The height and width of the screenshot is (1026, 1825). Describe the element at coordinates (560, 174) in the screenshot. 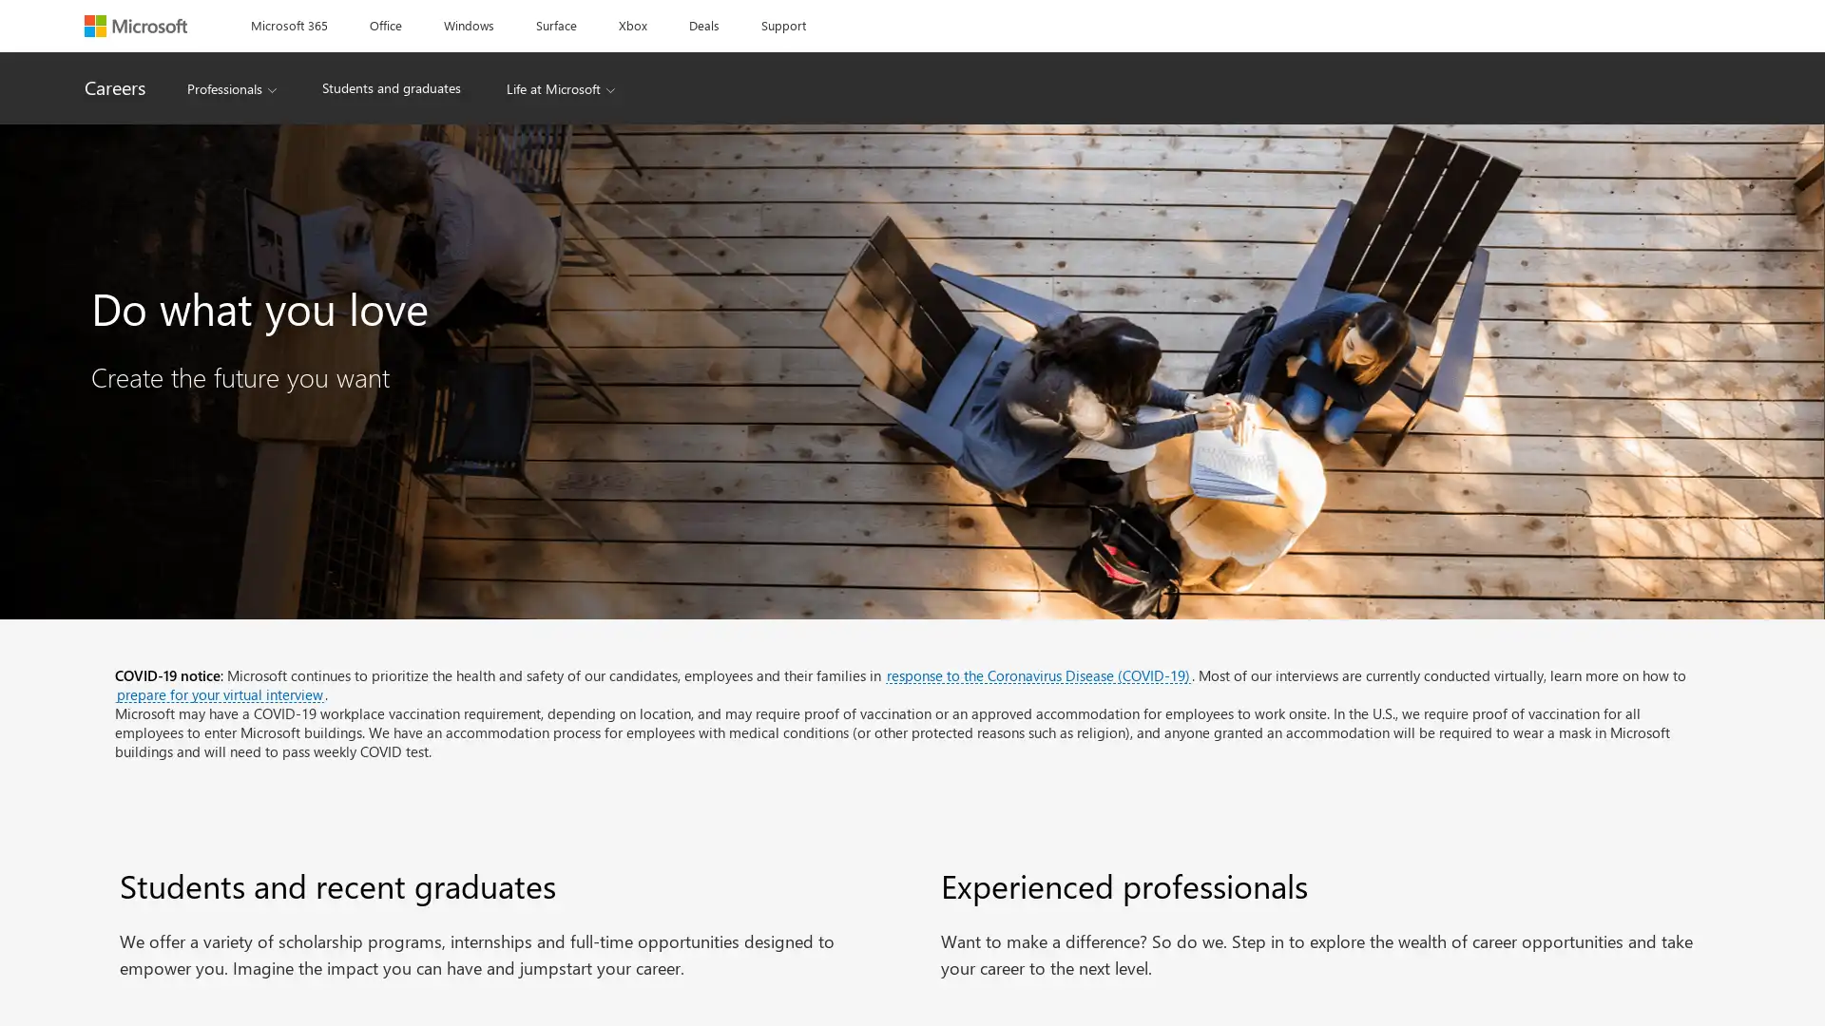

I see `Life at Microsoft` at that location.